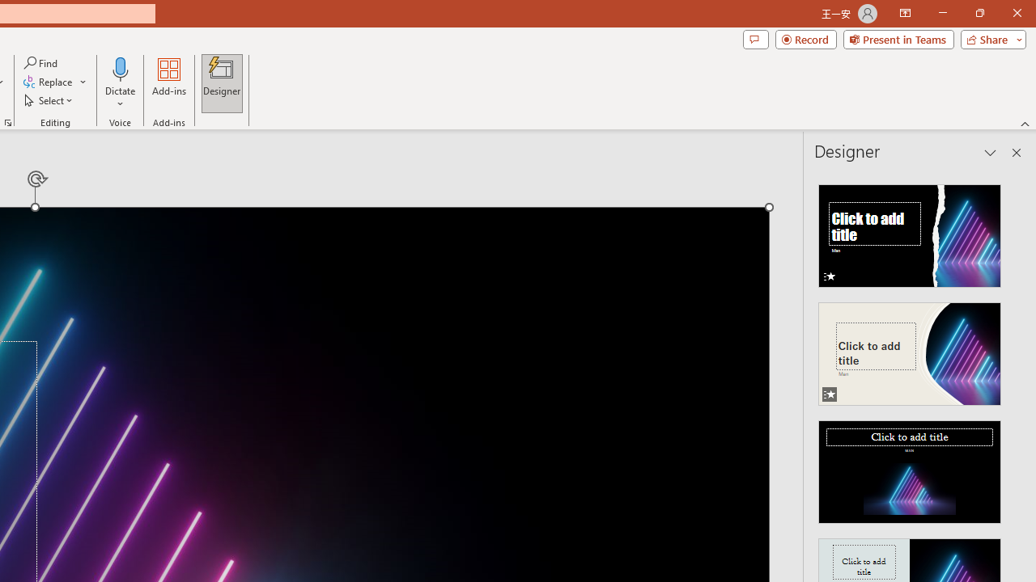  Describe the element at coordinates (49, 100) in the screenshot. I see `'Select'` at that location.